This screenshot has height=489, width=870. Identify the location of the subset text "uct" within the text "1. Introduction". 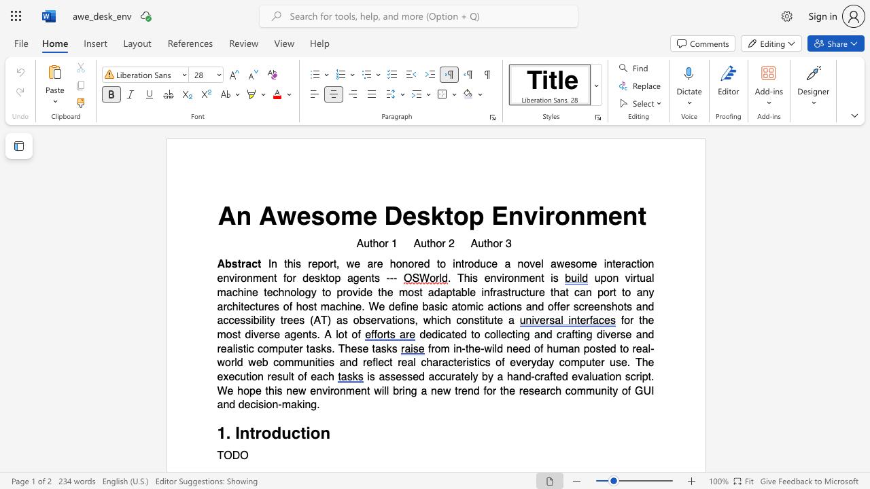
(281, 433).